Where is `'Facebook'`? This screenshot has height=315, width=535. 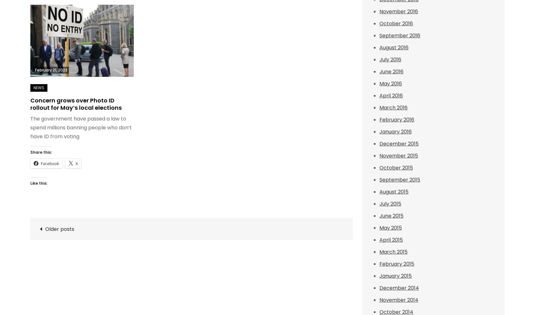 'Facebook' is located at coordinates (49, 163).